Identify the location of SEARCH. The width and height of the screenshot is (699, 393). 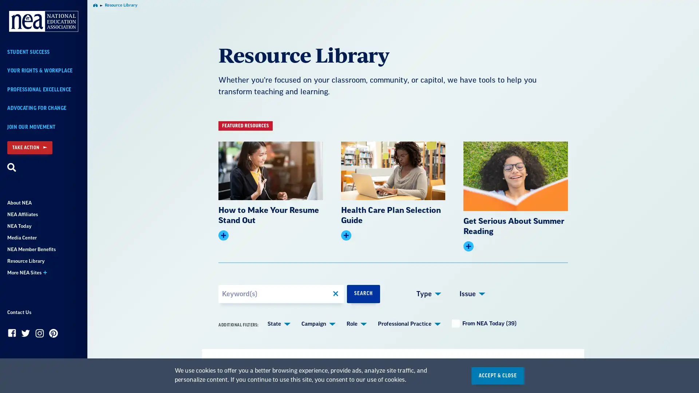
(363, 293).